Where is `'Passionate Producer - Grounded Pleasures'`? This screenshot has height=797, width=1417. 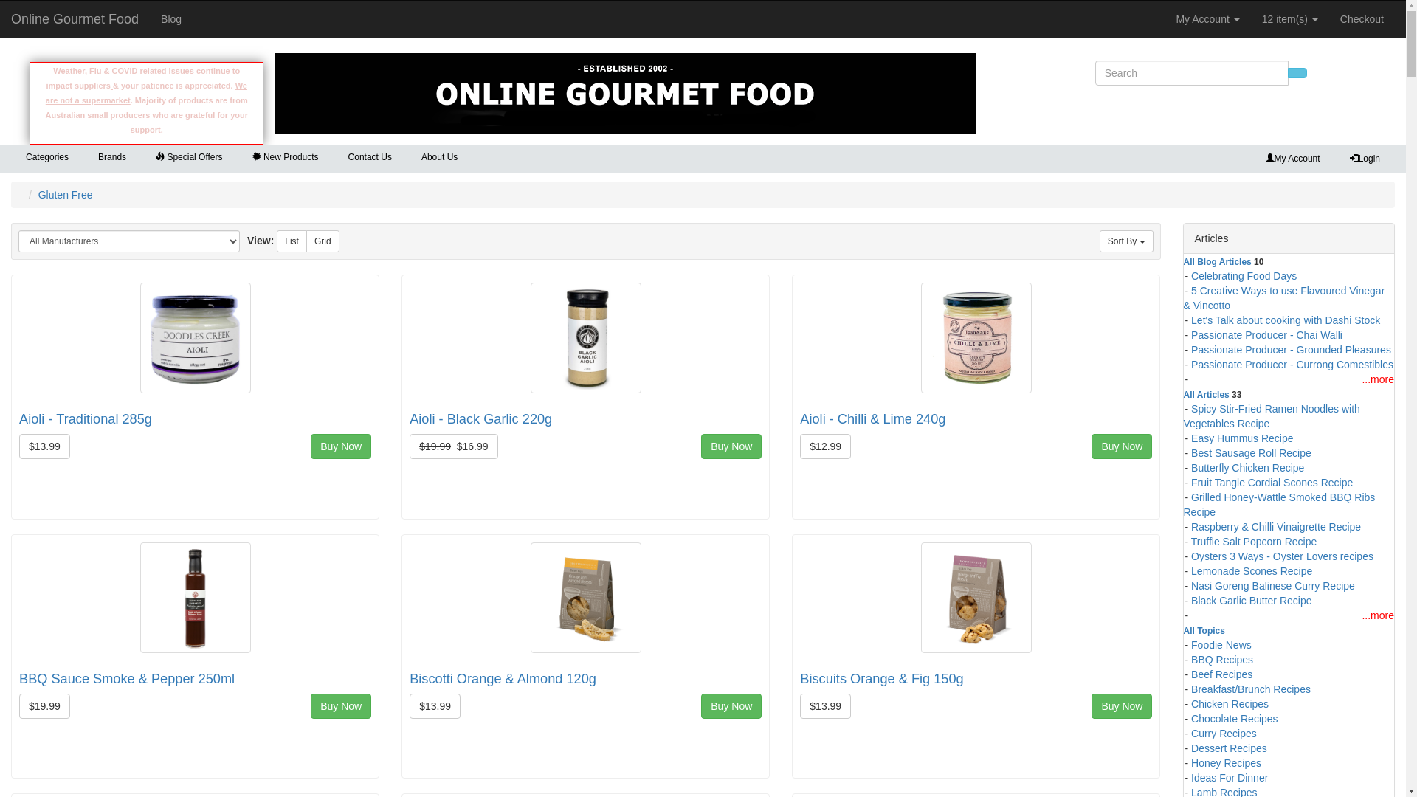
'Passionate Producer - Grounded Pleasures' is located at coordinates (1290, 348).